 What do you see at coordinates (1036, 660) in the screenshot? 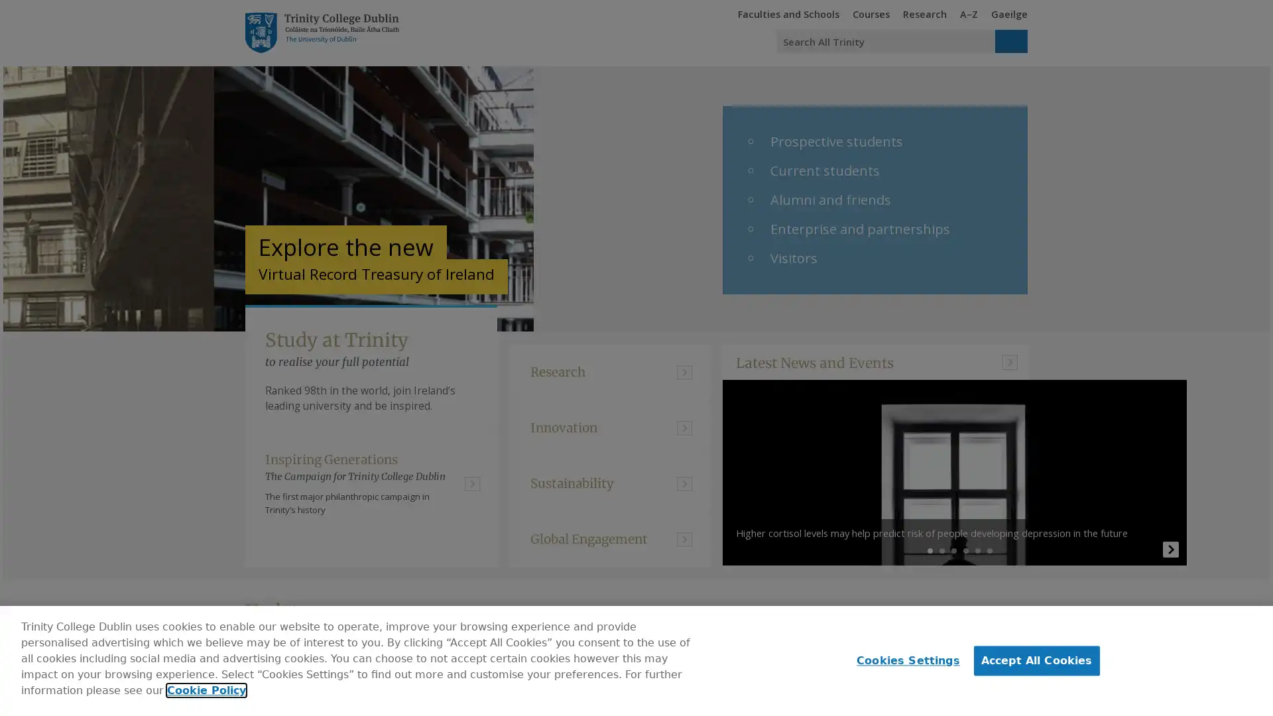
I see `Accept All Cookies` at bounding box center [1036, 660].